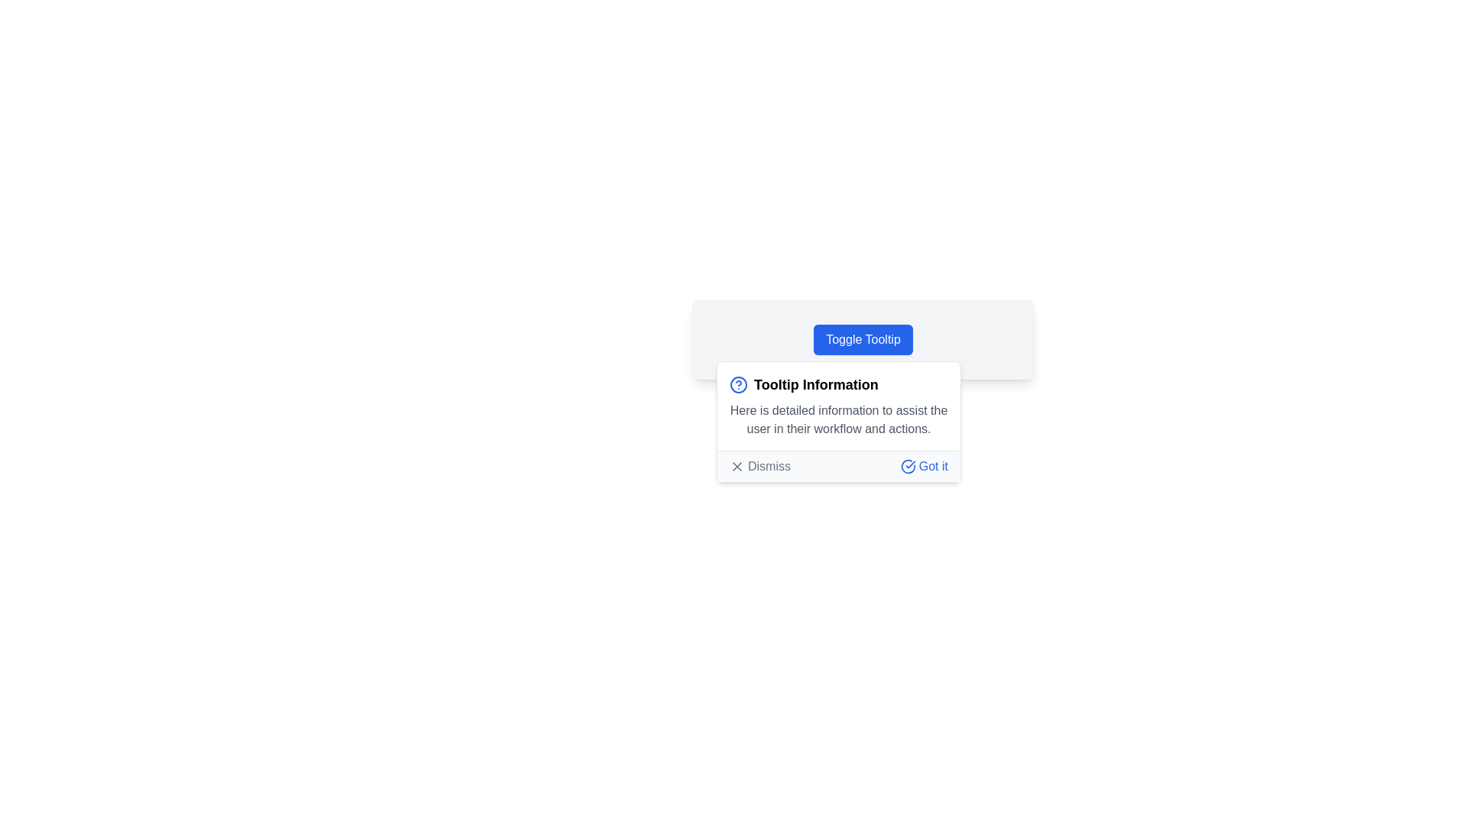 Image resolution: width=1467 pixels, height=825 pixels. What do you see at coordinates (737, 465) in the screenshot?
I see `the dismiss icon represented by an 'X' symbol located in the lower-left corner of the tooltip popup` at bounding box center [737, 465].